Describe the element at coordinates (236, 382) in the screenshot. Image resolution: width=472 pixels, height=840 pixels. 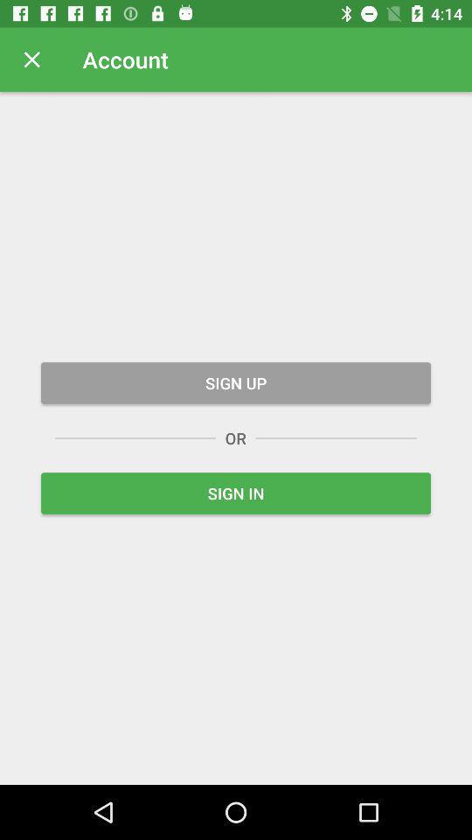
I see `sign up` at that location.